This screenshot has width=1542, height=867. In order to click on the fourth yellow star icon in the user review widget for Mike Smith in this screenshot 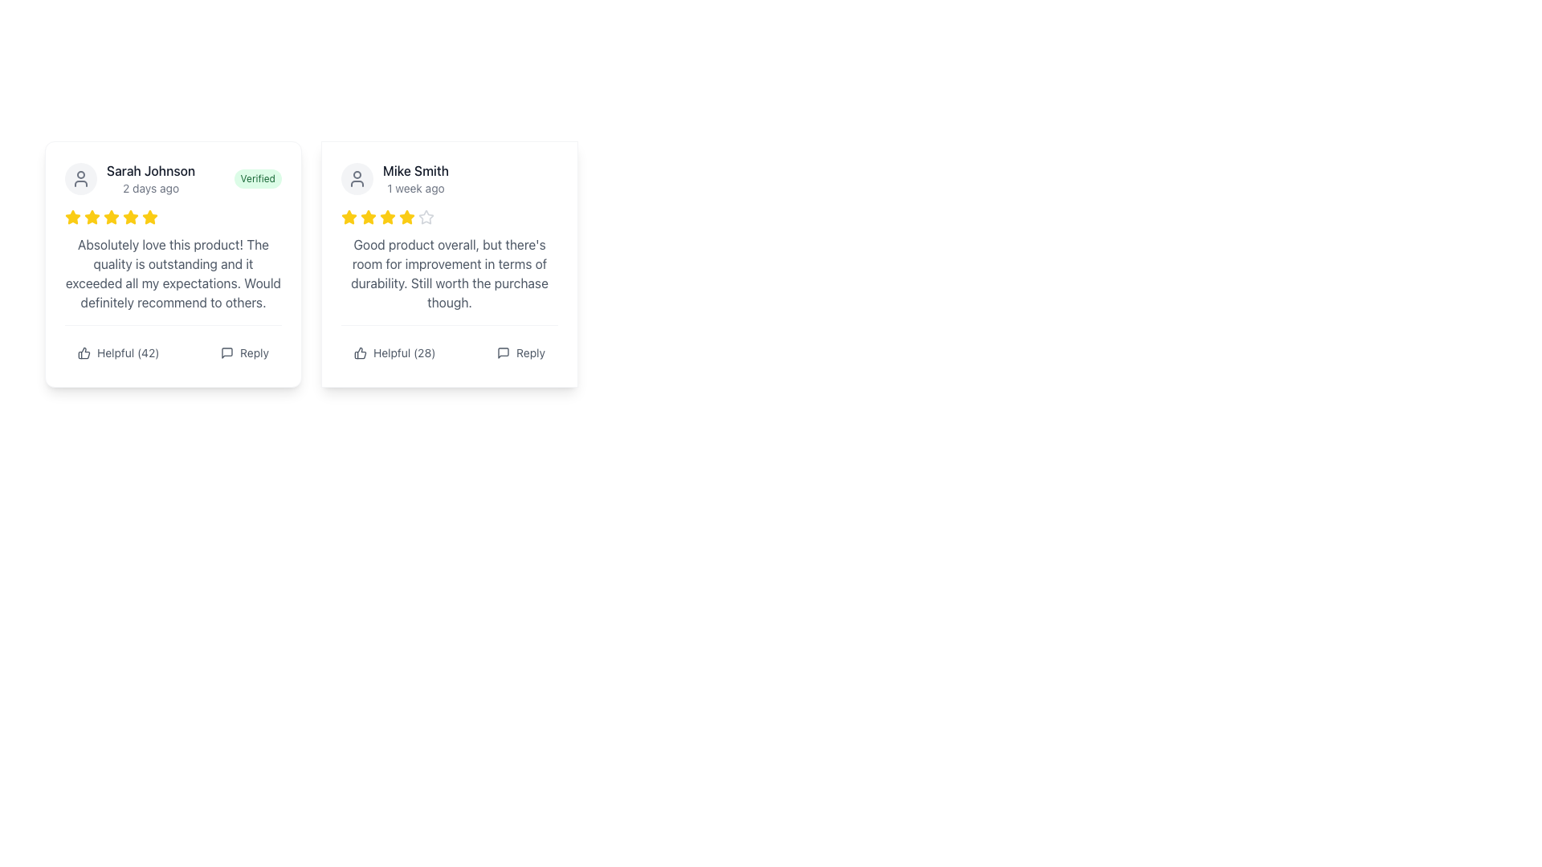, I will do `click(407, 217)`.